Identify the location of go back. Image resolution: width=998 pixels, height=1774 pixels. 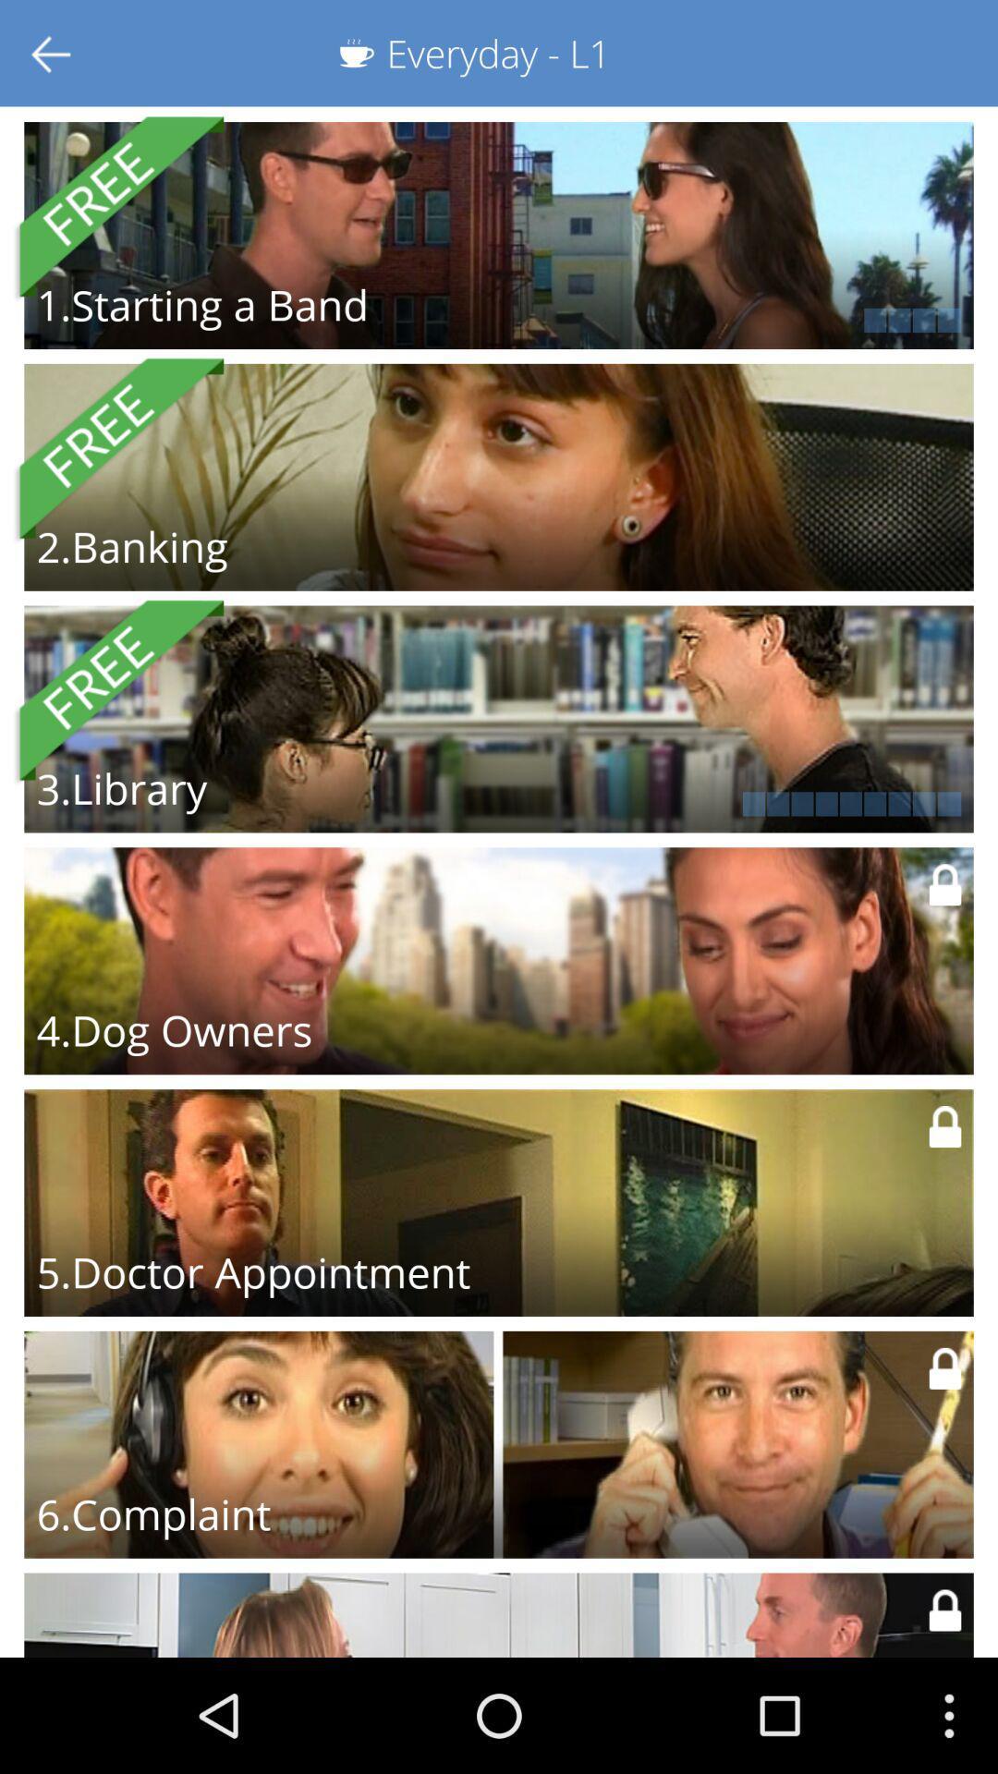
(52, 53).